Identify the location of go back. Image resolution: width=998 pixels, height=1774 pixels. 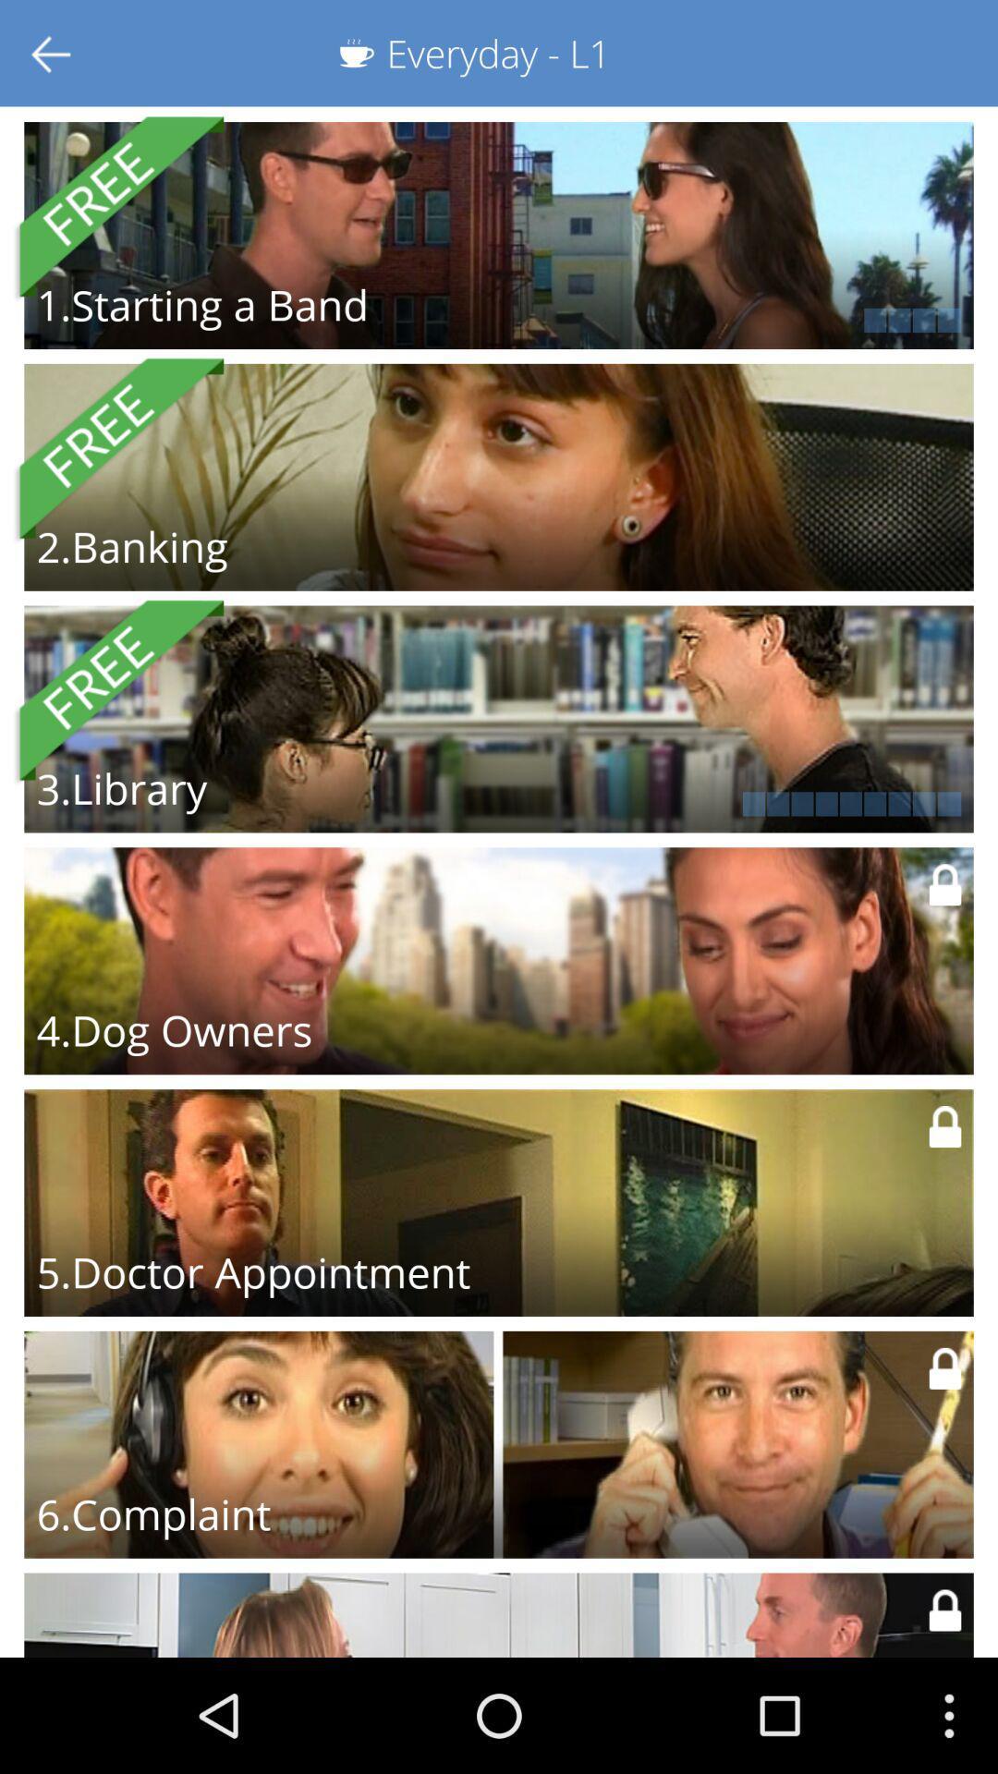
(52, 53).